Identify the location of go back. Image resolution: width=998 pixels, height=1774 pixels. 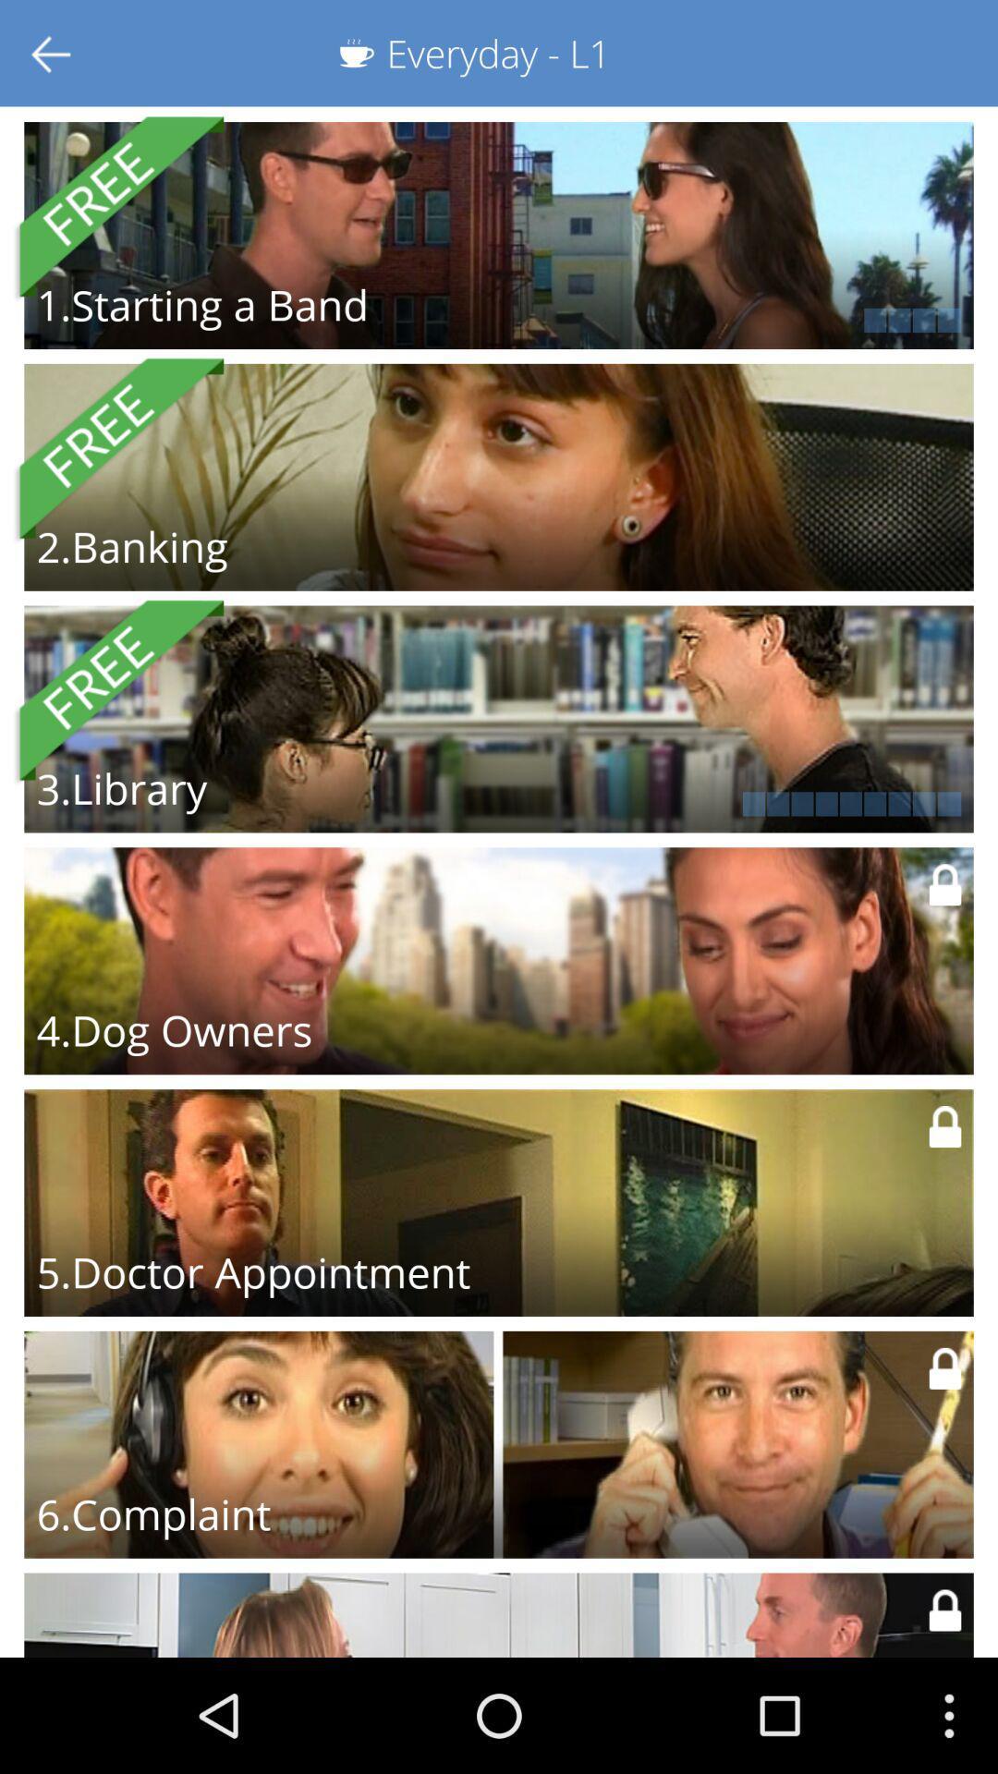
(52, 53).